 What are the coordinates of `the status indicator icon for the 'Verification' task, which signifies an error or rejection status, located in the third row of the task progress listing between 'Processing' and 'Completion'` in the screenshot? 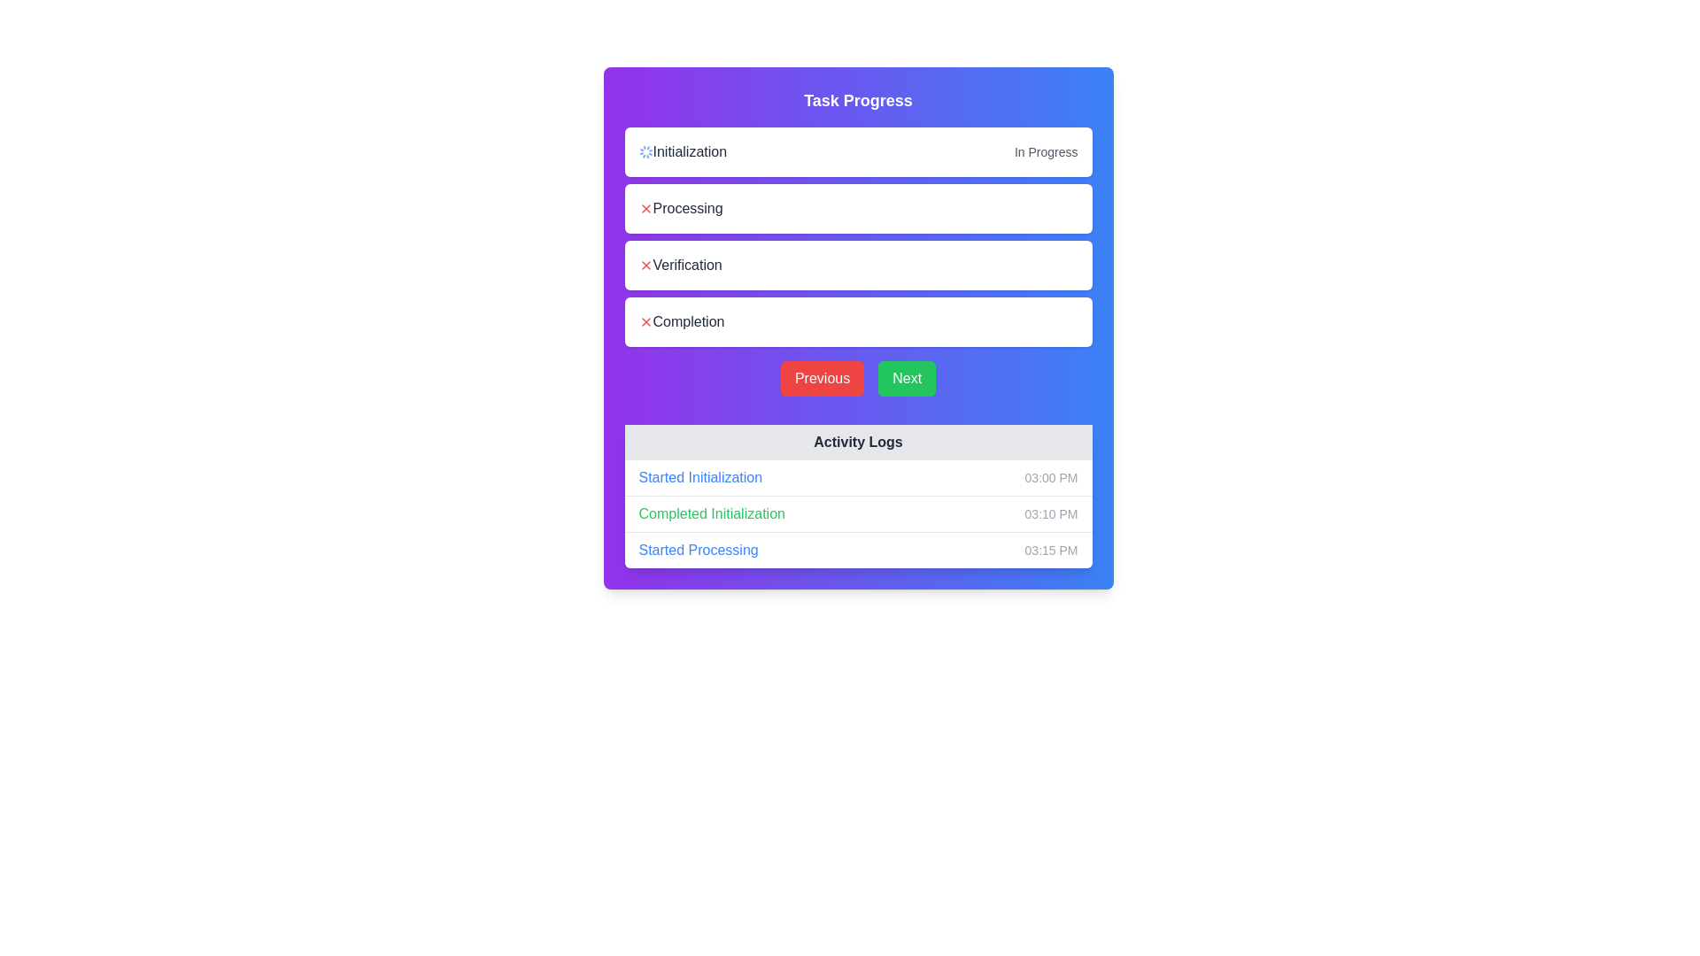 It's located at (645, 266).